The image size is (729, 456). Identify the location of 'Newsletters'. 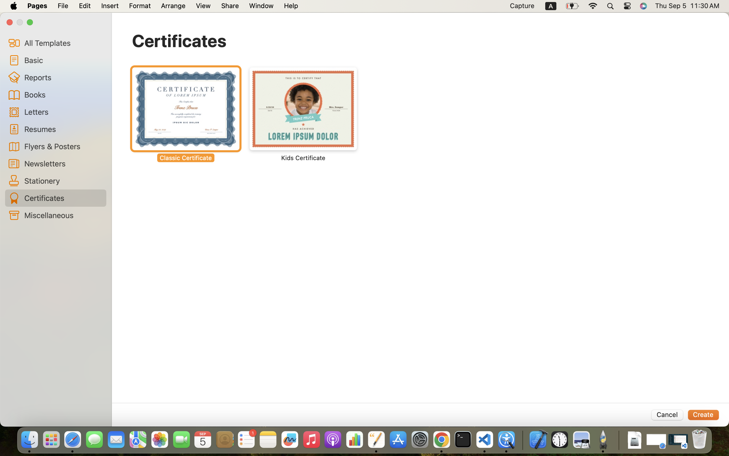
(63, 163).